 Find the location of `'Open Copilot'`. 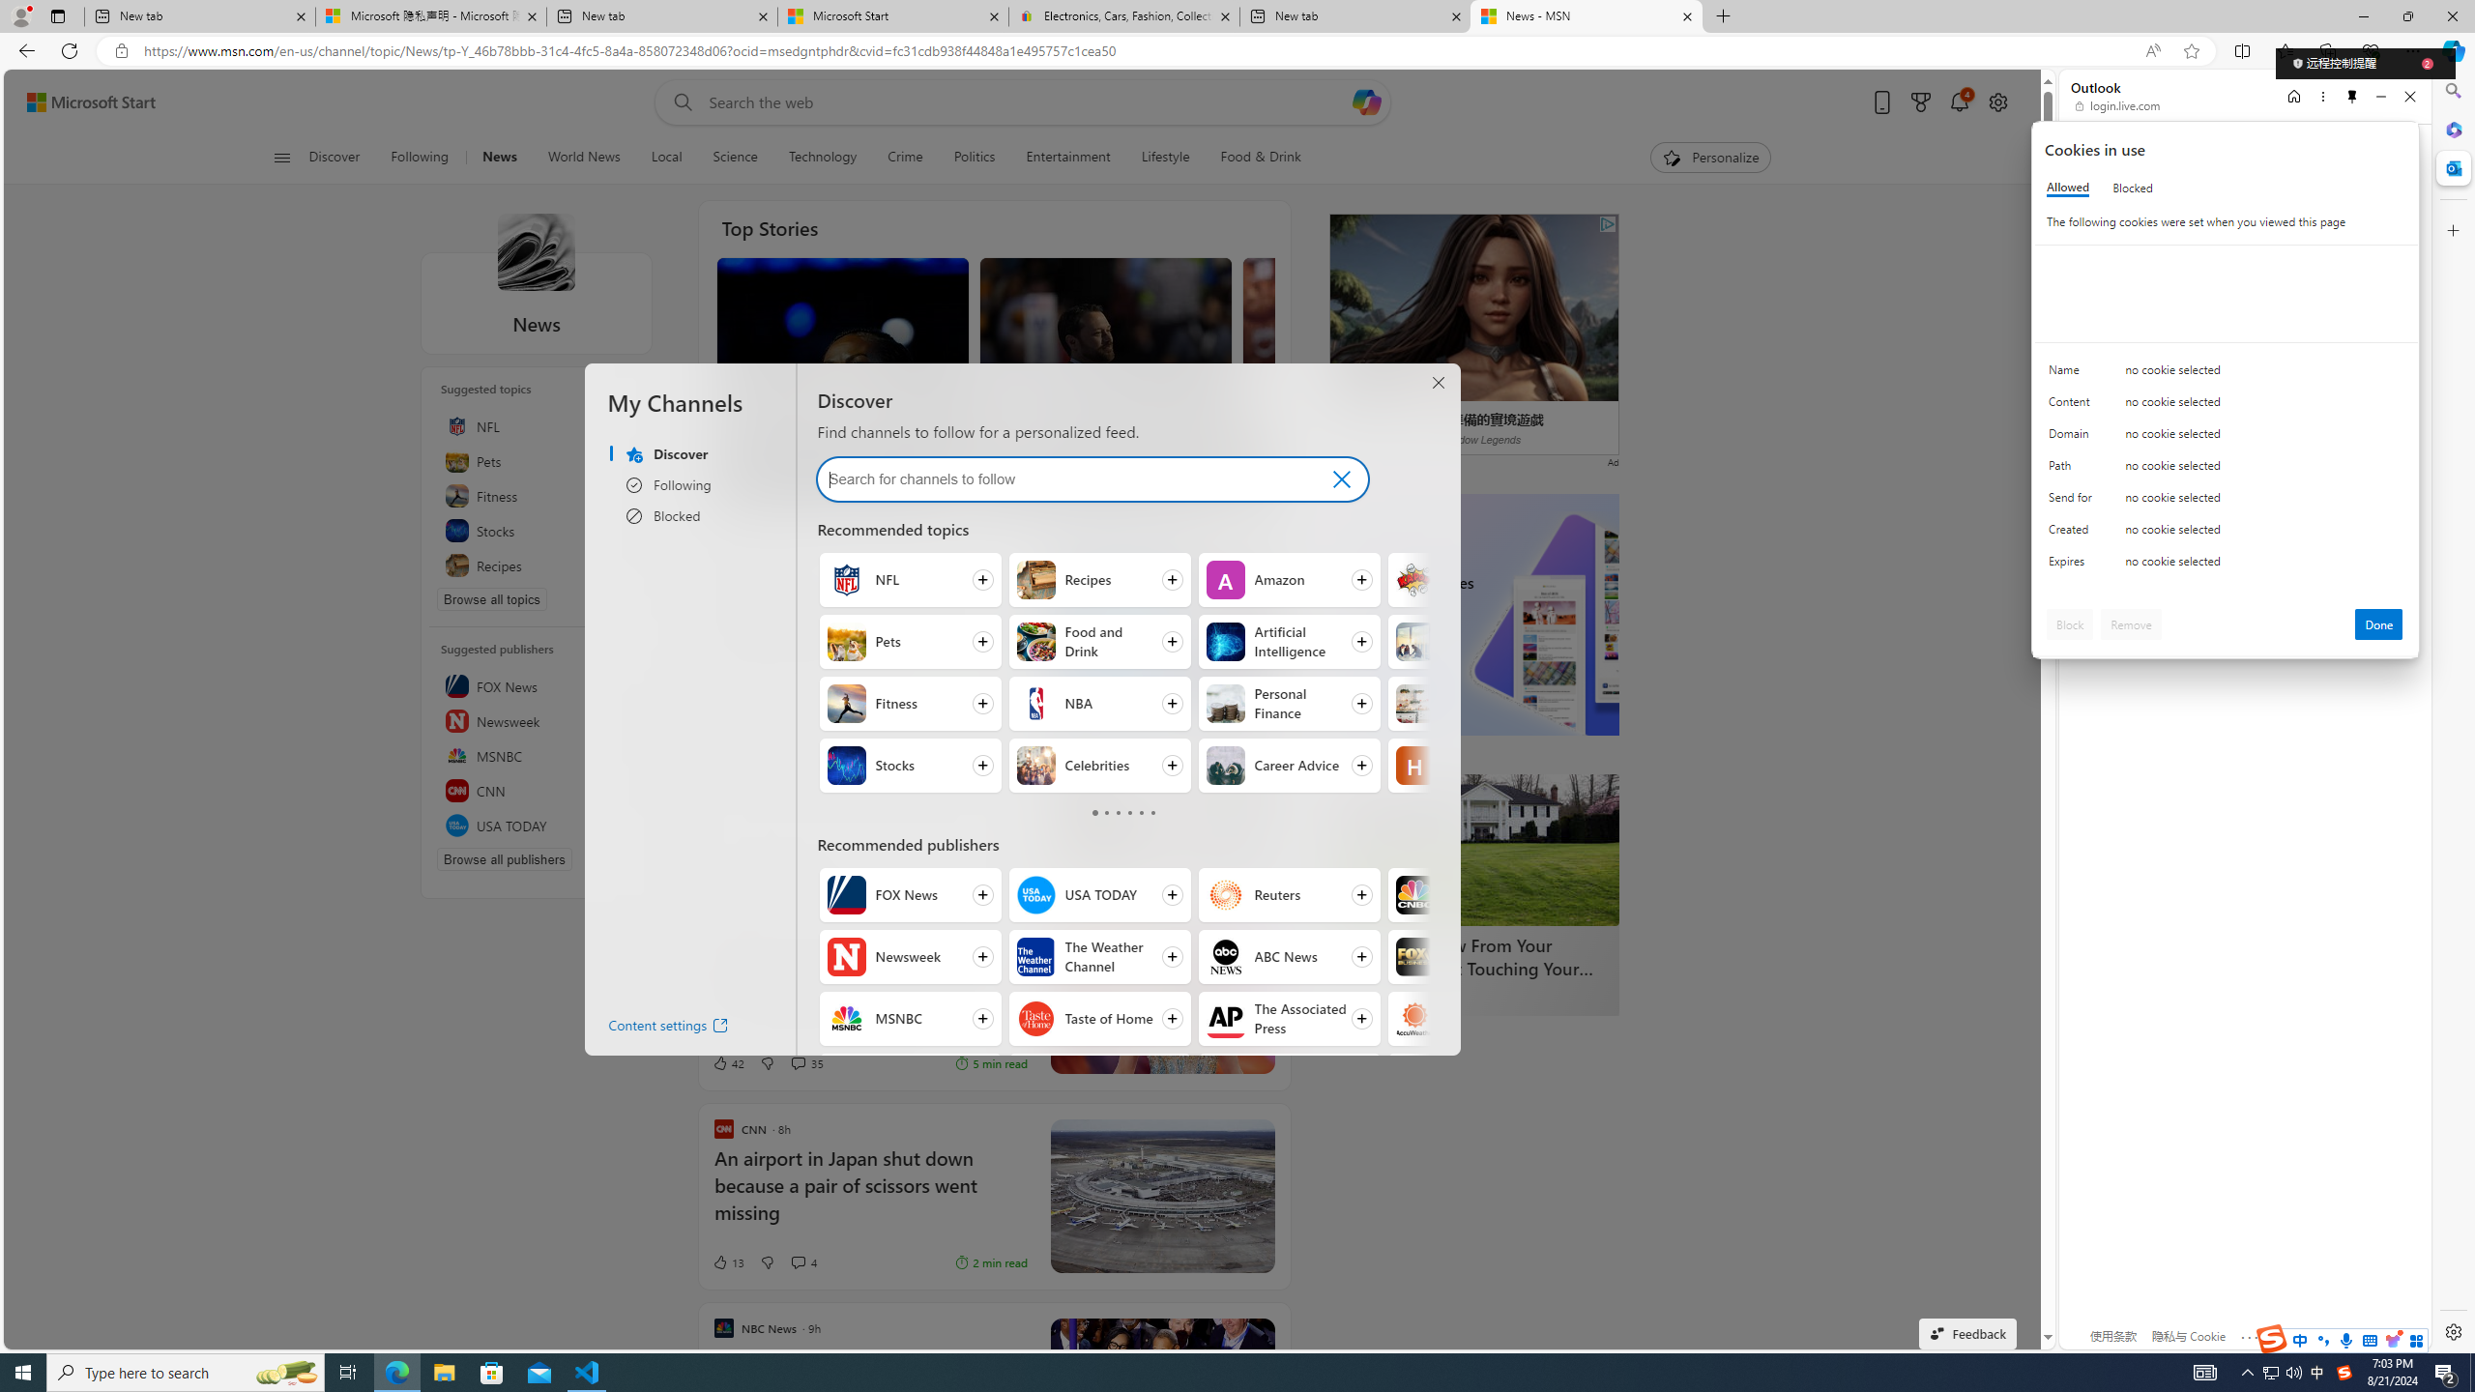

'Open Copilot' is located at coordinates (1366, 101).